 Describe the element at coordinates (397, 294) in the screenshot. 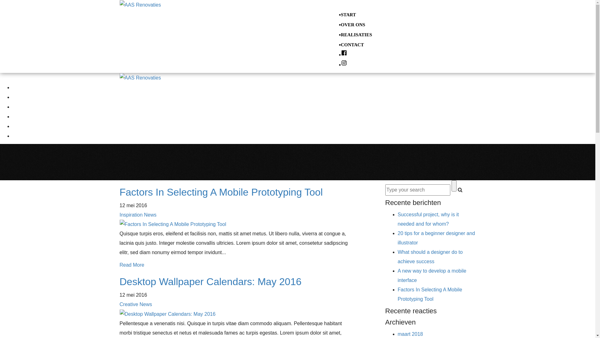

I see `'Factors In Selecting A Mobile Prototyping Tool'` at that location.